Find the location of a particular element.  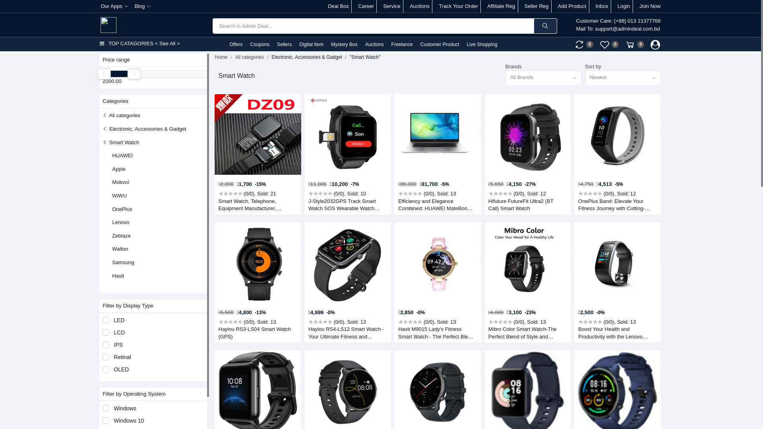

'Electronic, Accessories & Gadget' is located at coordinates (144, 128).